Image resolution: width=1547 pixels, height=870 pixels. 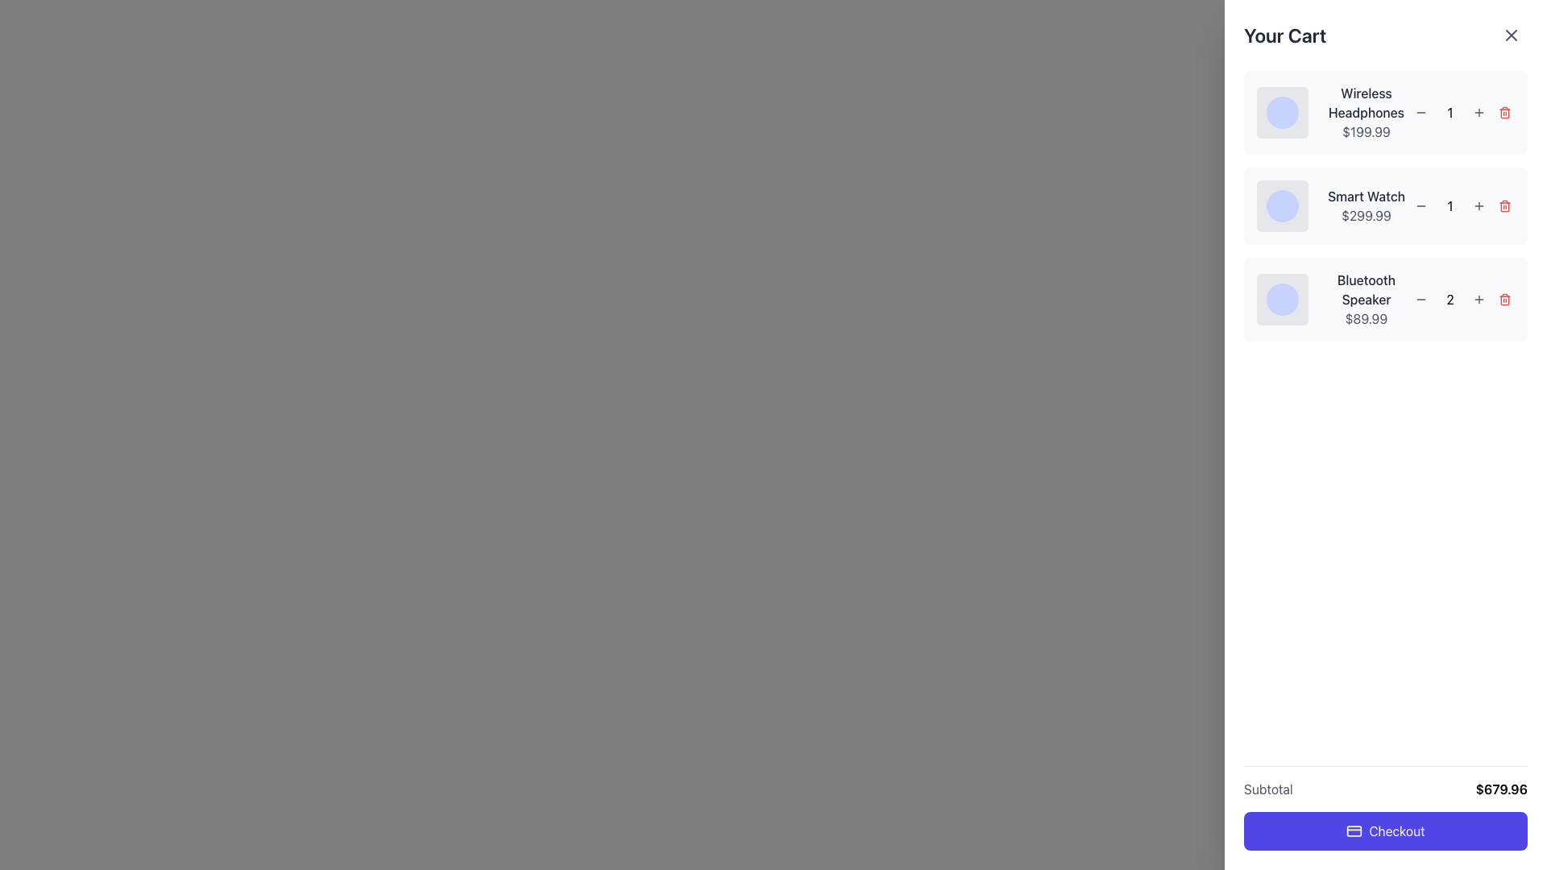 What do you see at coordinates (1384, 831) in the screenshot?
I see `the primary action button located at the bottom right of the panel, just below the 'Subtotal' label, to observe its hover styling` at bounding box center [1384, 831].